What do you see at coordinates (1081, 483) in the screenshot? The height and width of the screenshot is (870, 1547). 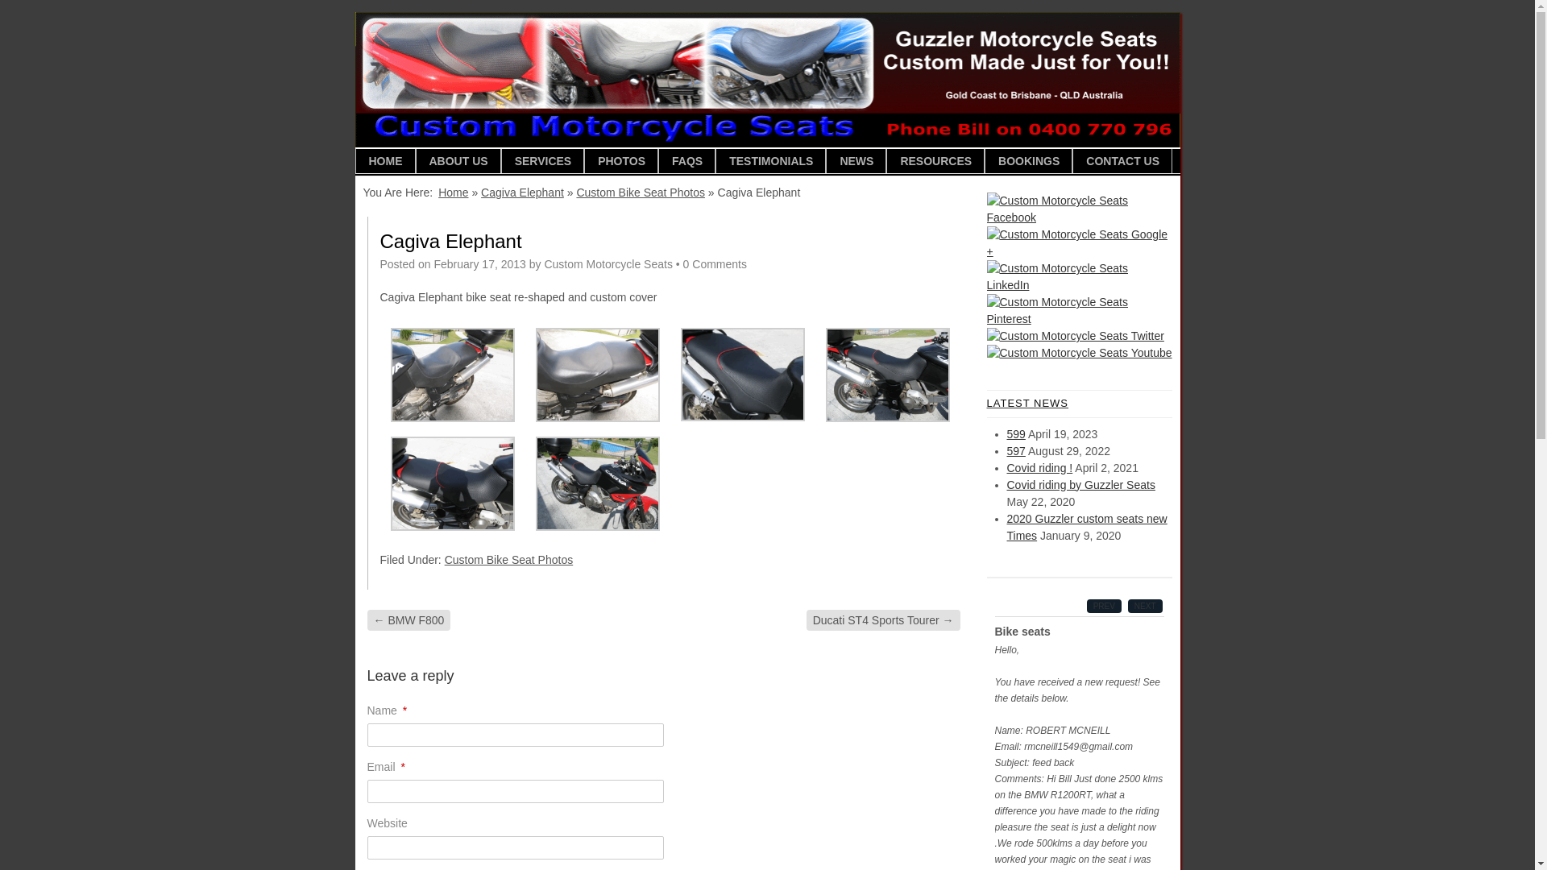 I see `'Covid riding by Guzzler Seats'` at bounding box center [1081, 483].